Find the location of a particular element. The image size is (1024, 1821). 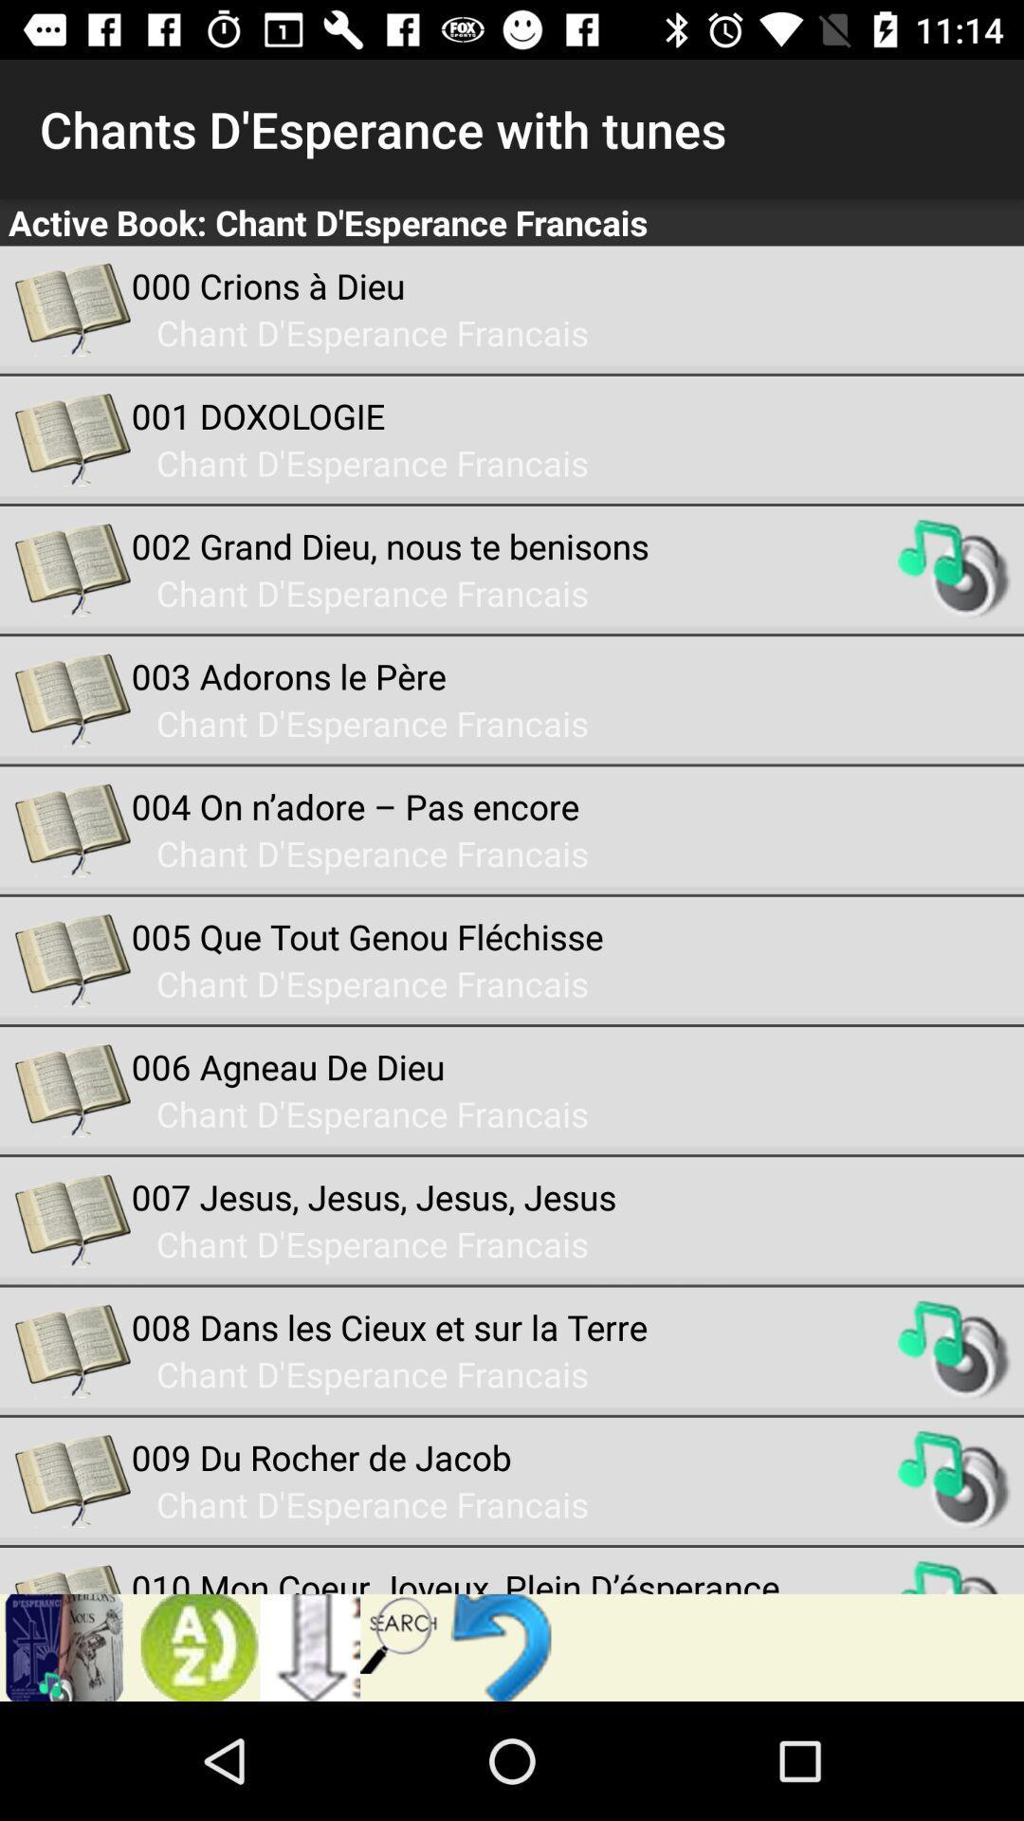

go back is located at coordinates (504, 1646).